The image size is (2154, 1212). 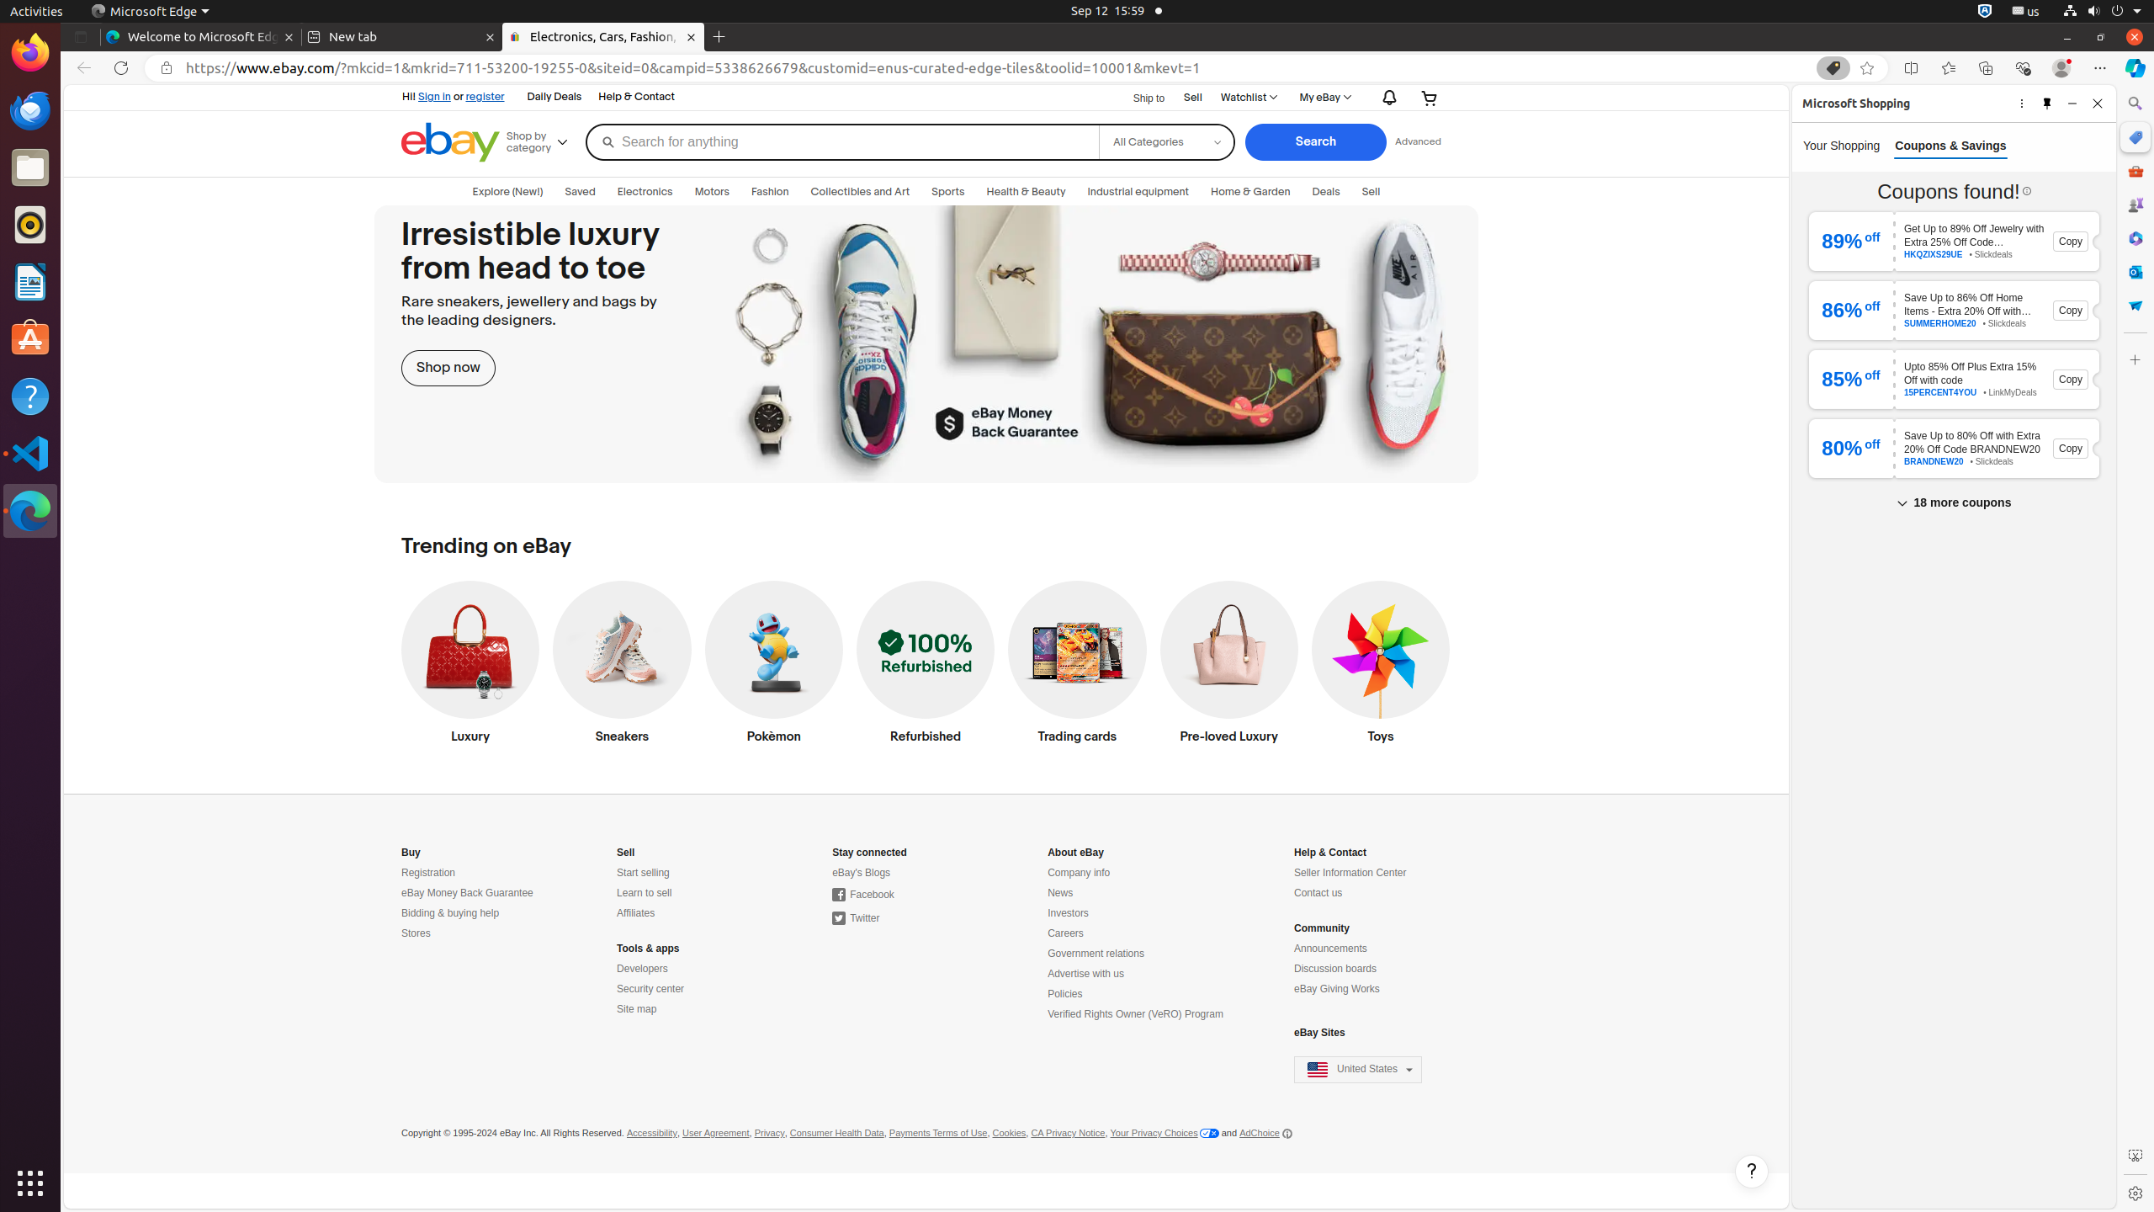 What do you see at coordinates (553, 97) in the screenshot?
I see `'Daily Deals'` at bounding box center [553, 97].